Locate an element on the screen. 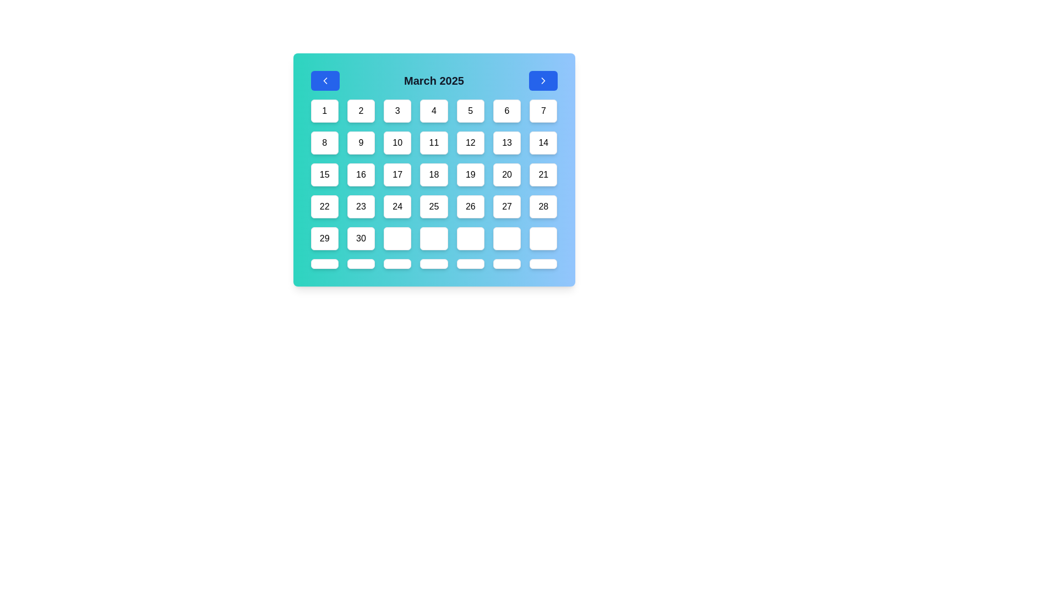 This screenshot has height=594, width=1057. the navigation button located to the far right of the title text 'March 2025' in the calendar header is located at coordinates (543, 80).